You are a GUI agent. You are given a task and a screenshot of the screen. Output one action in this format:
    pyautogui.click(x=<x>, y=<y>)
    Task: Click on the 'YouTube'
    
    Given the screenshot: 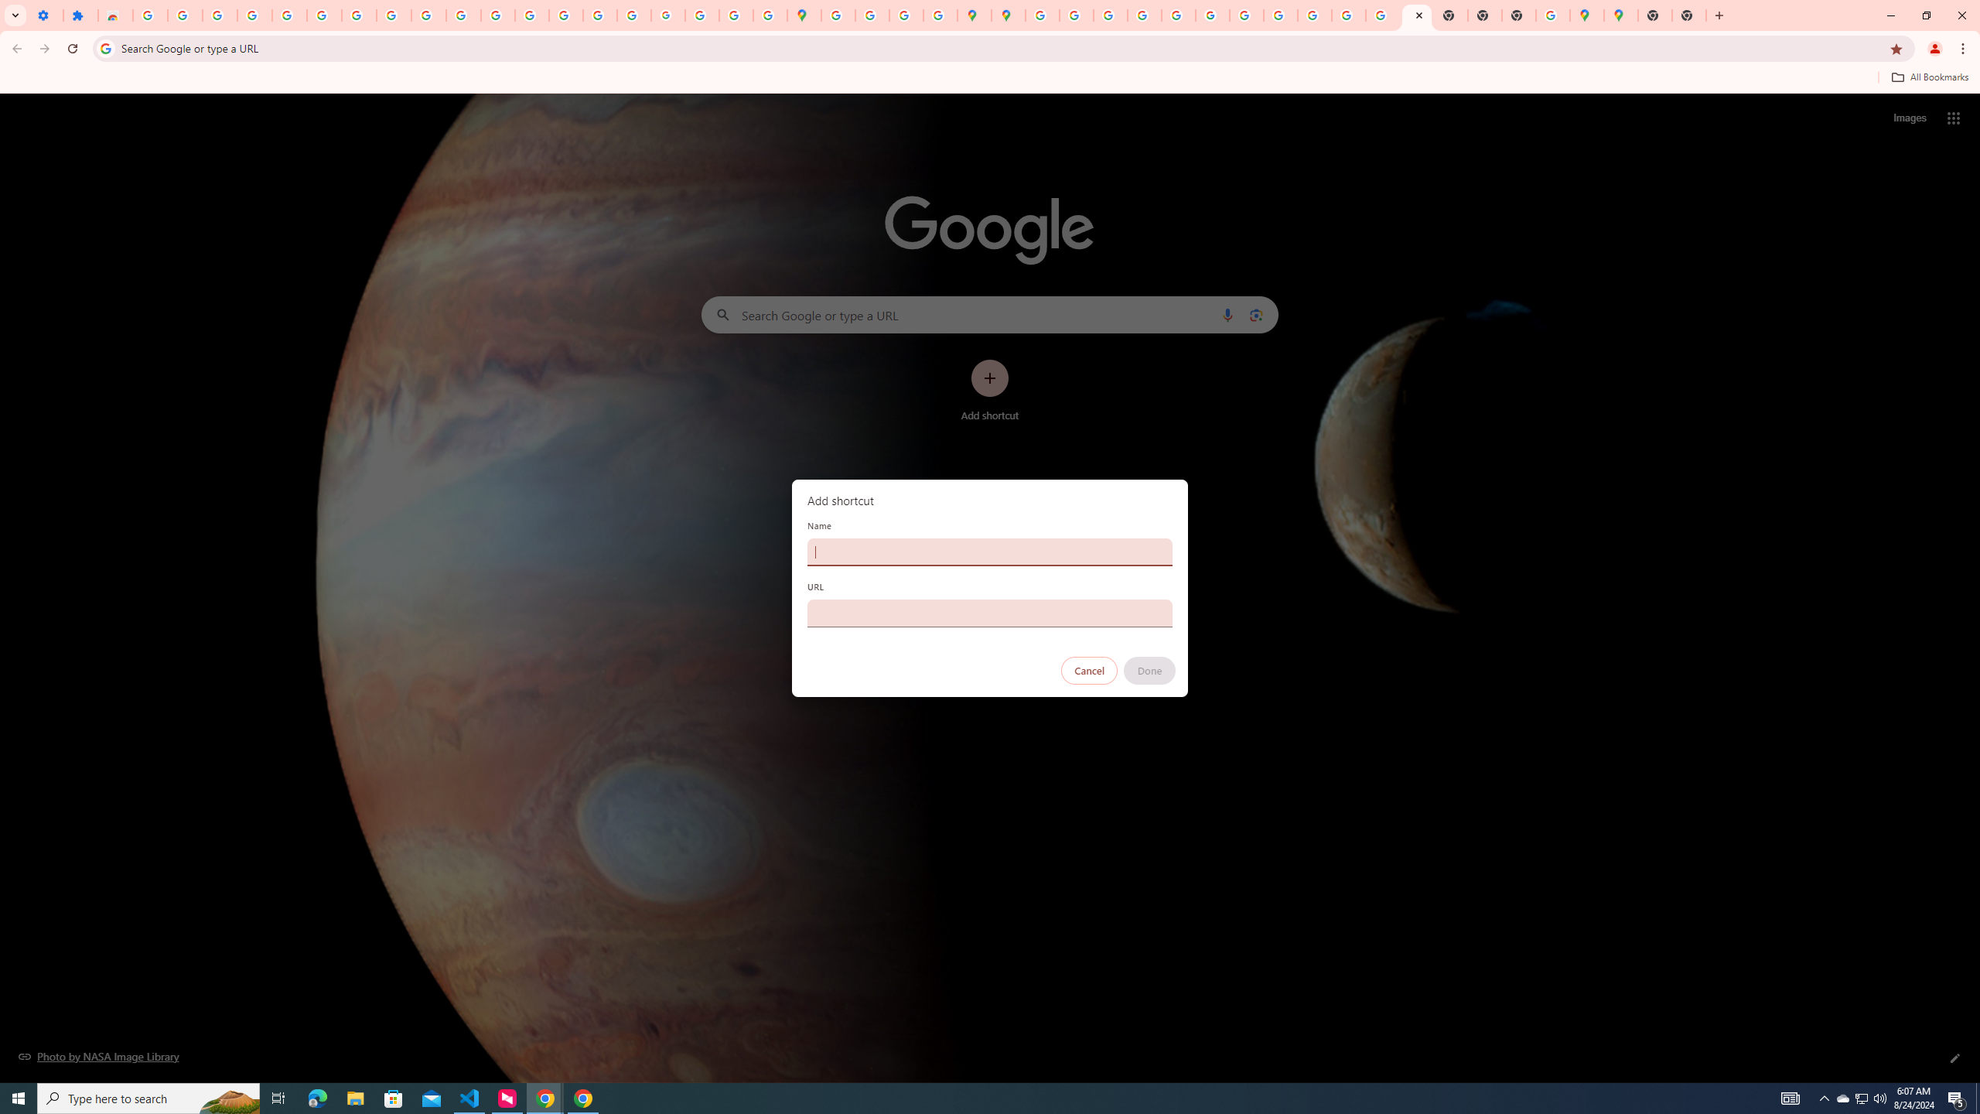 What is the action you would take?
    pyautogui.click(x=394, y=15)
    